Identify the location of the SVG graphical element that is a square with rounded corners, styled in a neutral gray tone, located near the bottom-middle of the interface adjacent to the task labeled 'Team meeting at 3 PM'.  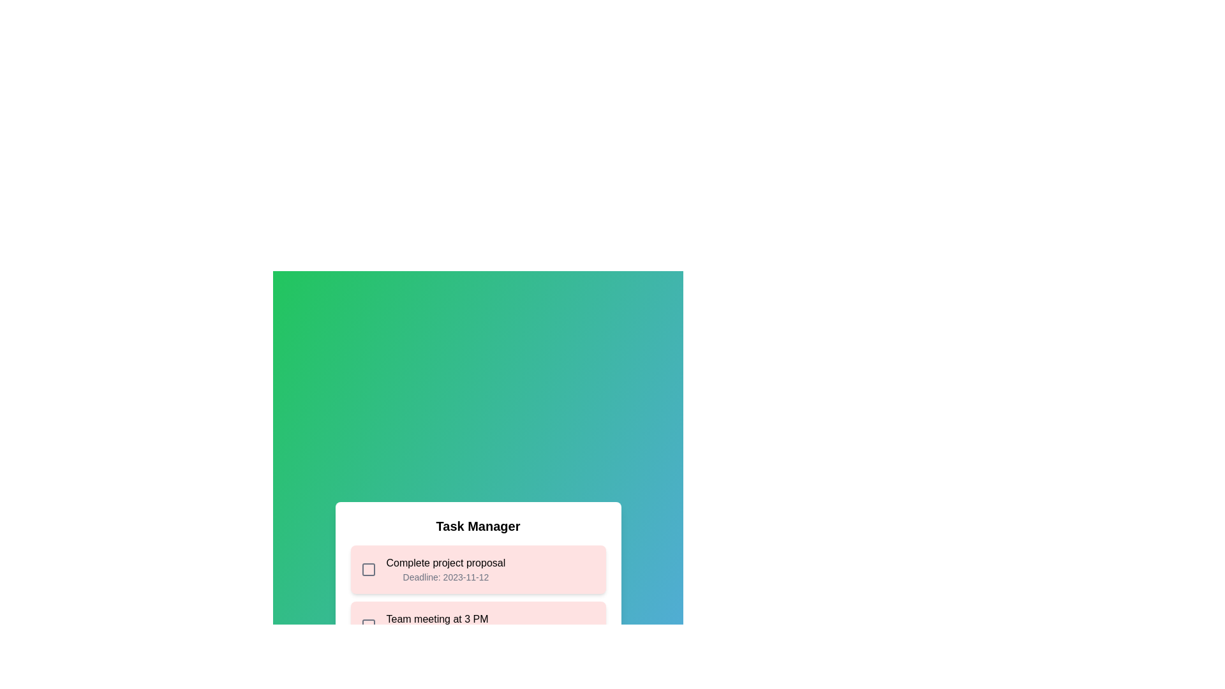
(367, 625).